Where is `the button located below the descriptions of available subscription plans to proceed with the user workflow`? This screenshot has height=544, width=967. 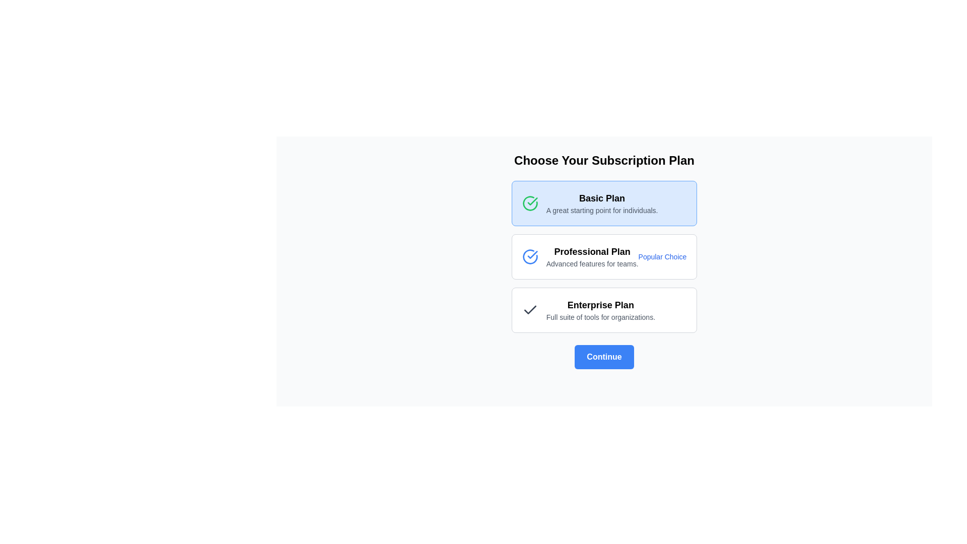
the button located below the descriptions of available subscription plans to proceed with the user workflow is located at coordinates (604, 357).